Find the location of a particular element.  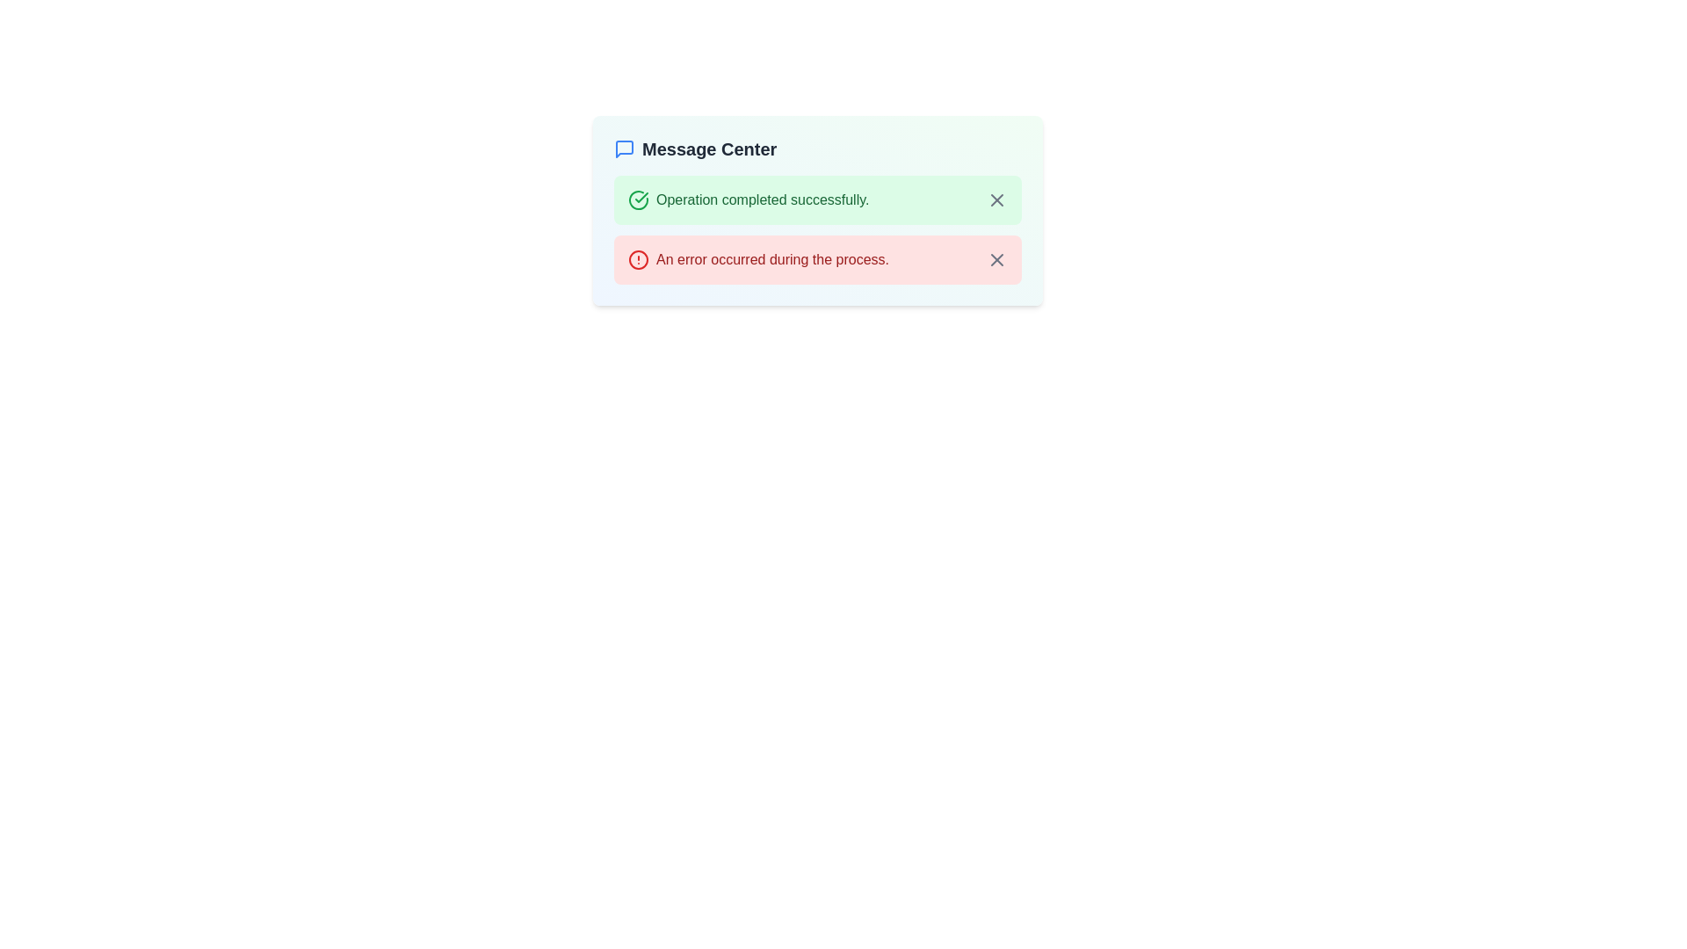

the error message label located in the notification panel, positioned below the successful operation message and to the left of the close button is located at coordinates (772, 260).